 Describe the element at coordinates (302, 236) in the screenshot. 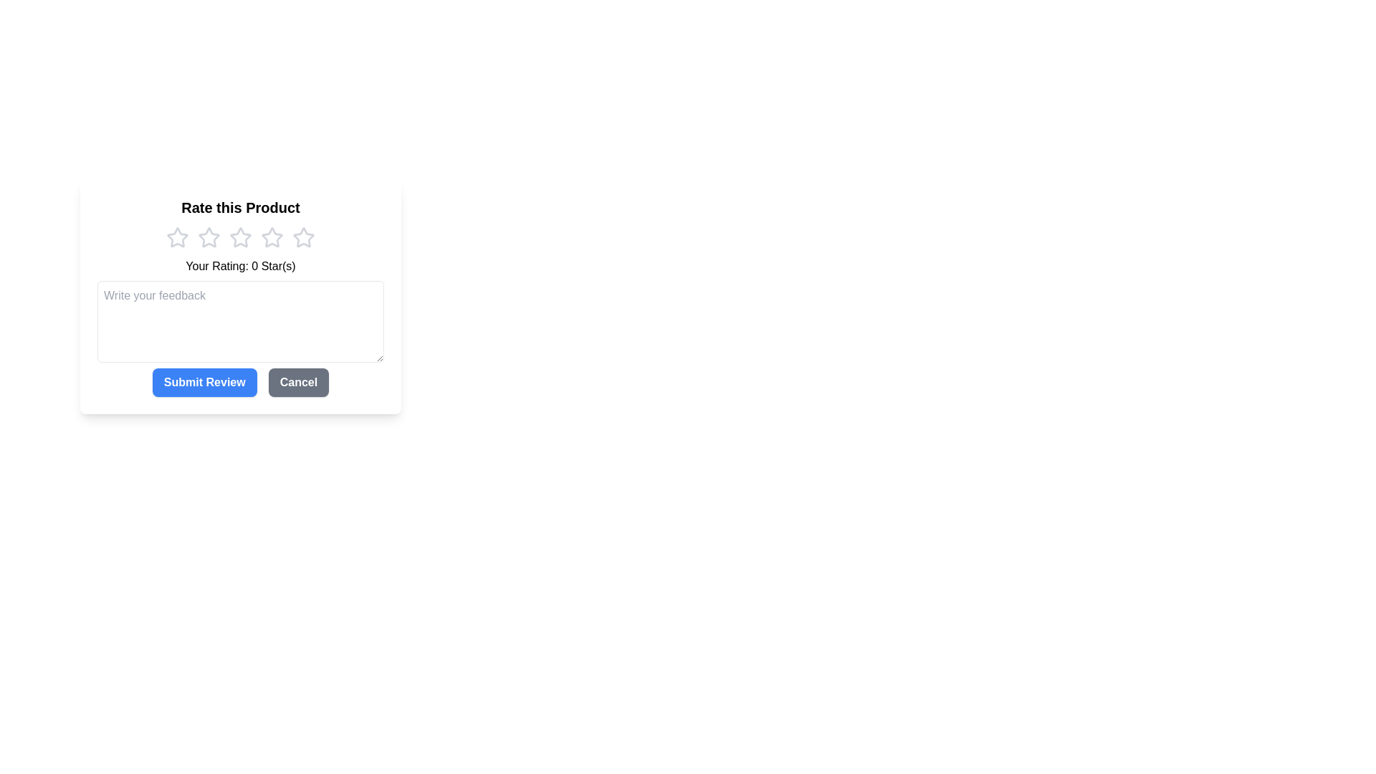

I see `the fifth star button in the five-star rating system, which allows users to indicate a maximum rating for a product or service` at that location.